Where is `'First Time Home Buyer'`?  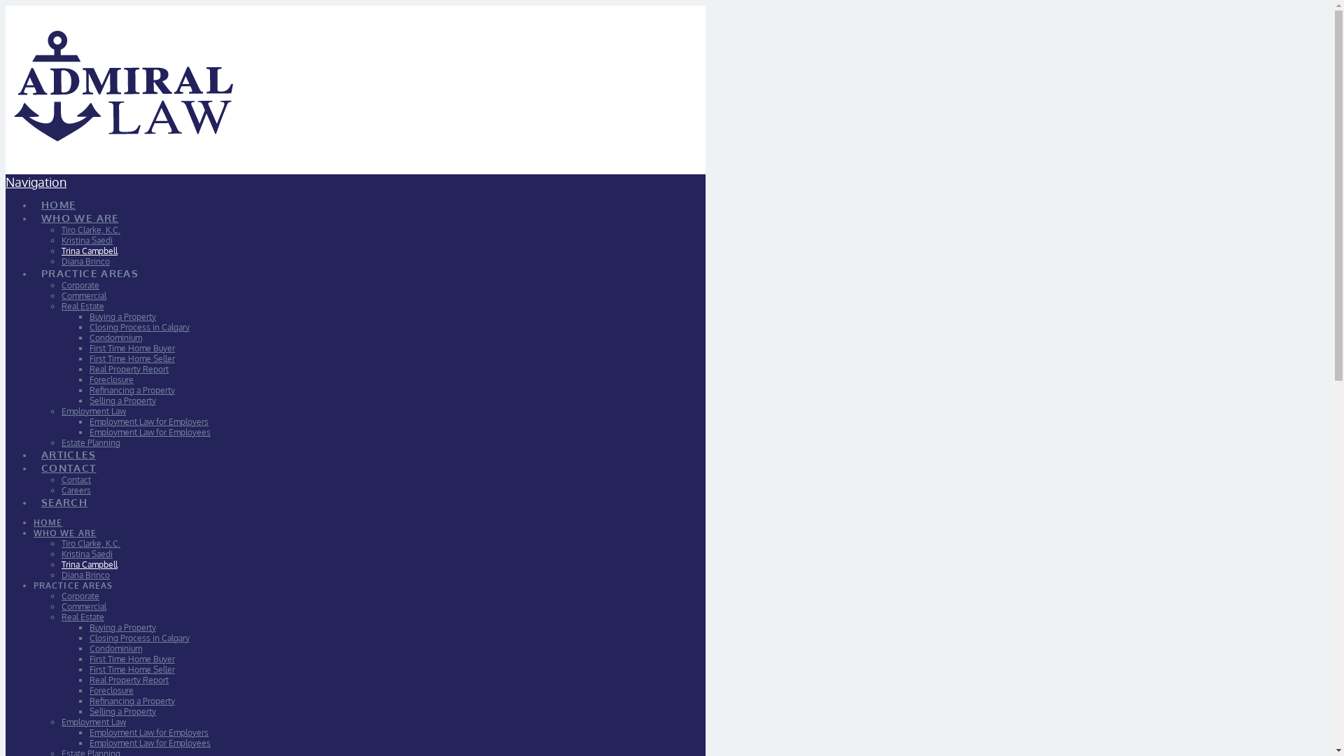
'First Time Home Buyer' is located at coordinates (132, 659).